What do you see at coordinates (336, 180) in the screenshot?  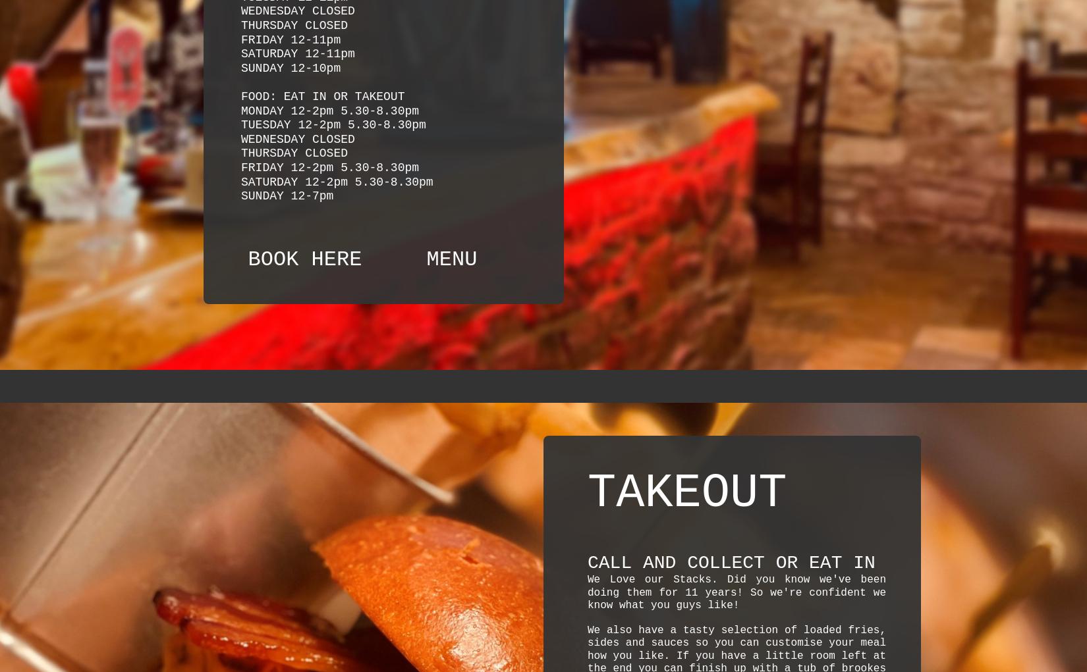 I see `'SATURDAY 12-2pm 5.30-8.30pm'` at bounding box center [336, 180].